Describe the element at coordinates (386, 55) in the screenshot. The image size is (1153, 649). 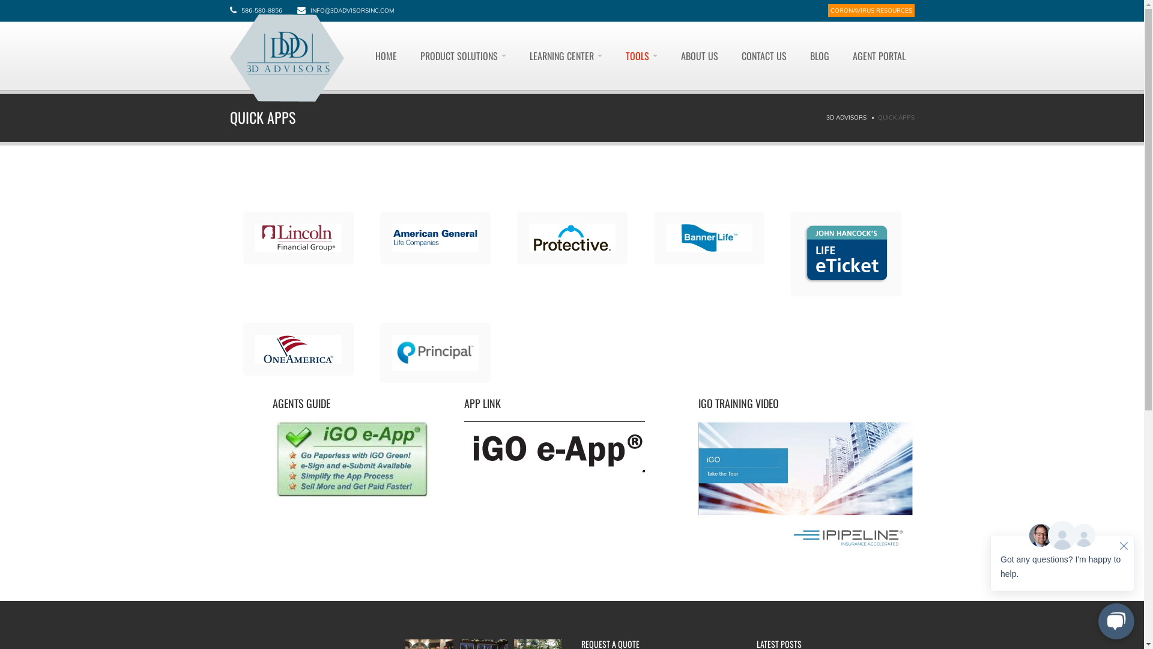
I see `'HOME'` at that location.